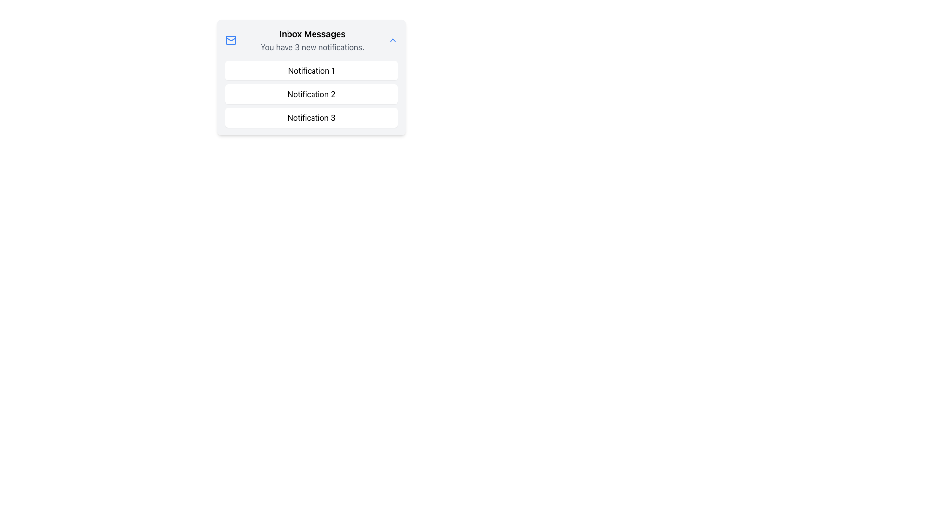  What do you see at coordinates (311, 94) in the screenshot?
I see `the notifications list component in the 'Inbox Messages' section` at bounding box center [311, 94].